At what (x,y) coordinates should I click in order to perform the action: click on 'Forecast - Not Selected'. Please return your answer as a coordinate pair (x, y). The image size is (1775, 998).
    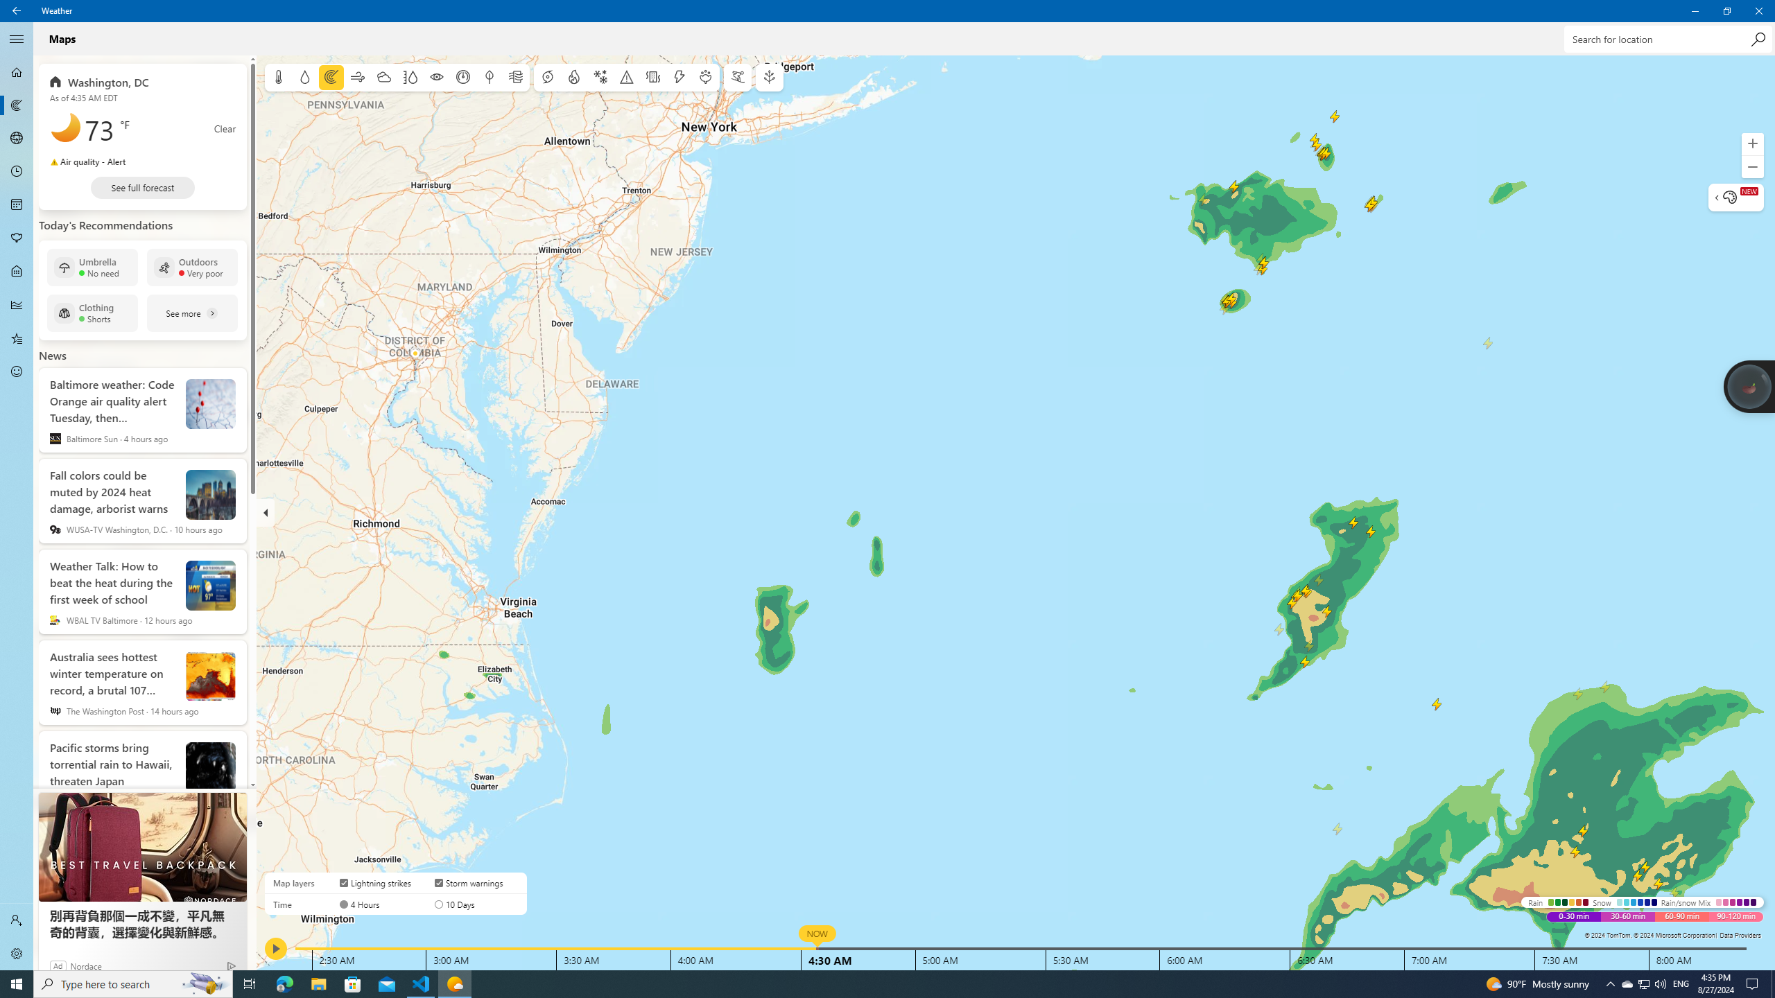
    Looking at the image, I should click on (17, 71).